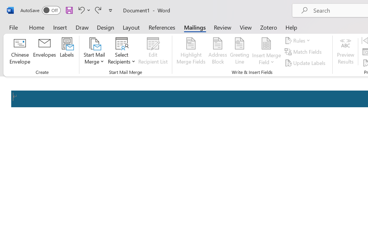 The width and height of the screenshot is (368, 230). I want to click on 'Envelopes...', so click(44, 51).